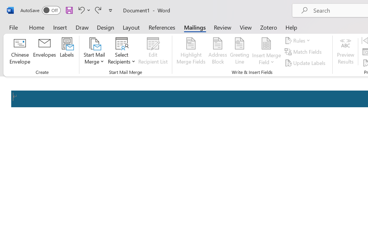 The width and height of the screenshot is (368, 230). I want to click on 'Envelopes...', so click(44, 51).